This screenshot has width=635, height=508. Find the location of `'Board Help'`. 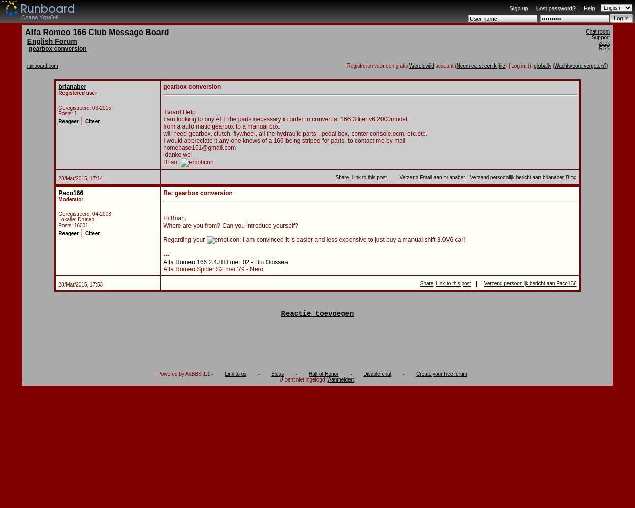

'Board Help' is located at coordinates (162, 112).